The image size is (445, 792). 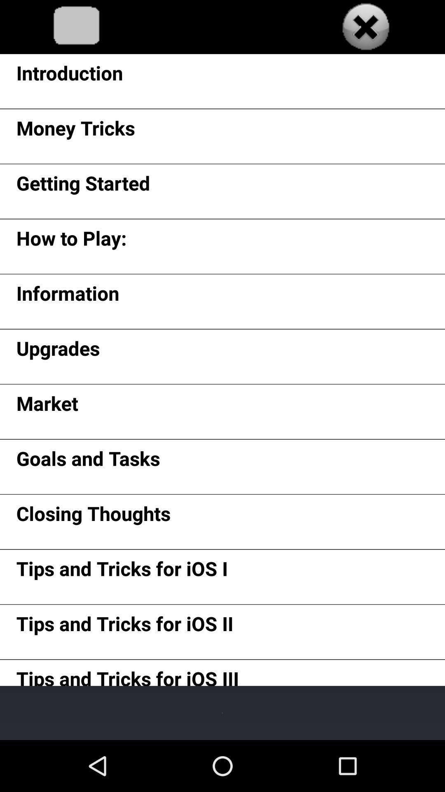 What do you see at coordinates (75, 130) in the screenshot?
I see `app below introduction` at bounding box center [75, 130].